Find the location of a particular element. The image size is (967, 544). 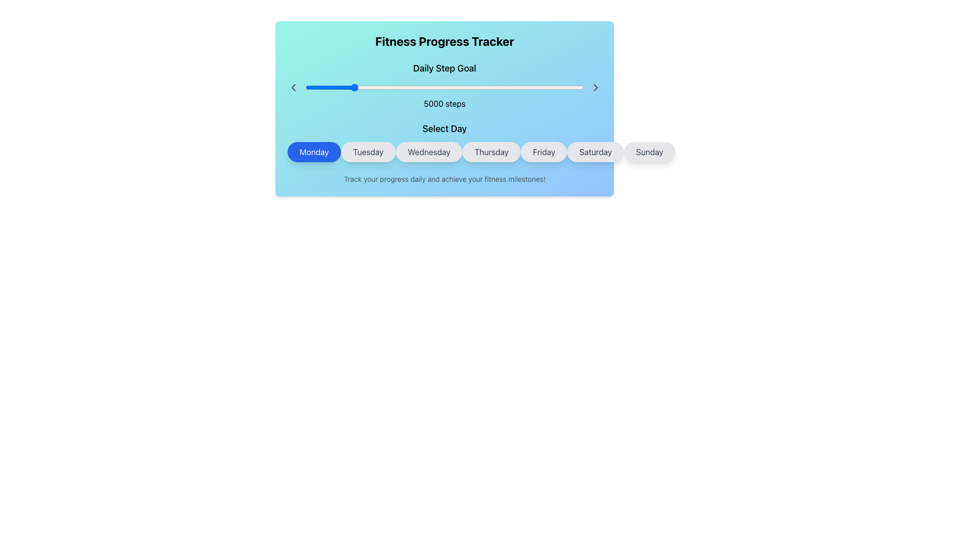

the daily step goal is located at coordinates (307, 87).